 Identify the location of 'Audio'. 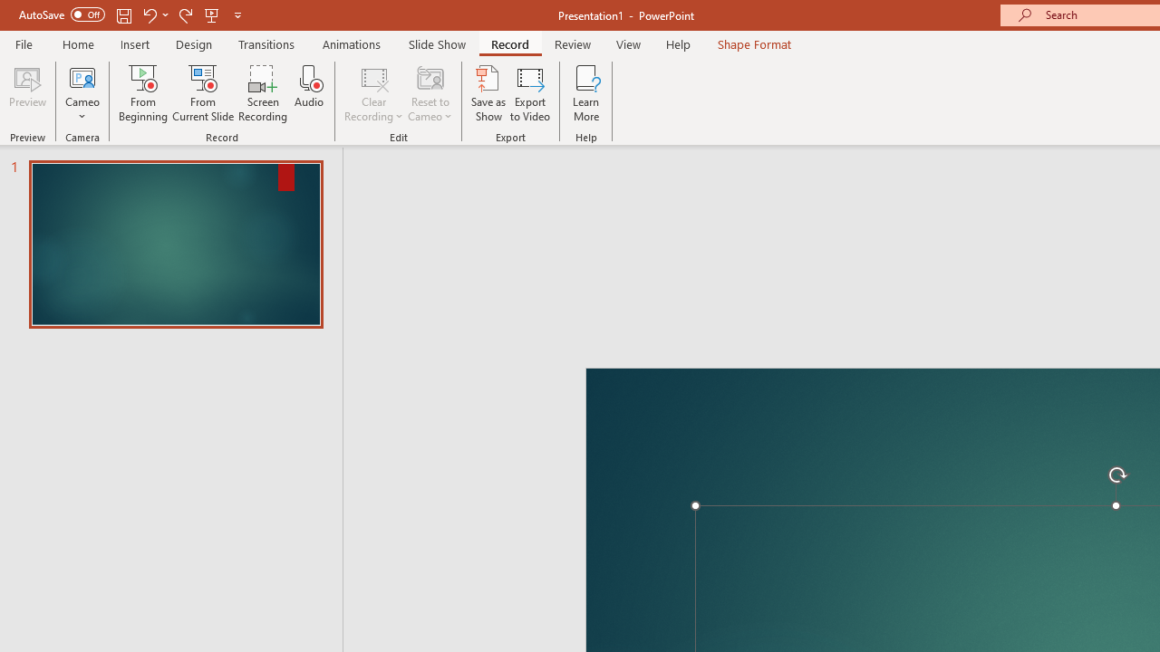
(309, 93).